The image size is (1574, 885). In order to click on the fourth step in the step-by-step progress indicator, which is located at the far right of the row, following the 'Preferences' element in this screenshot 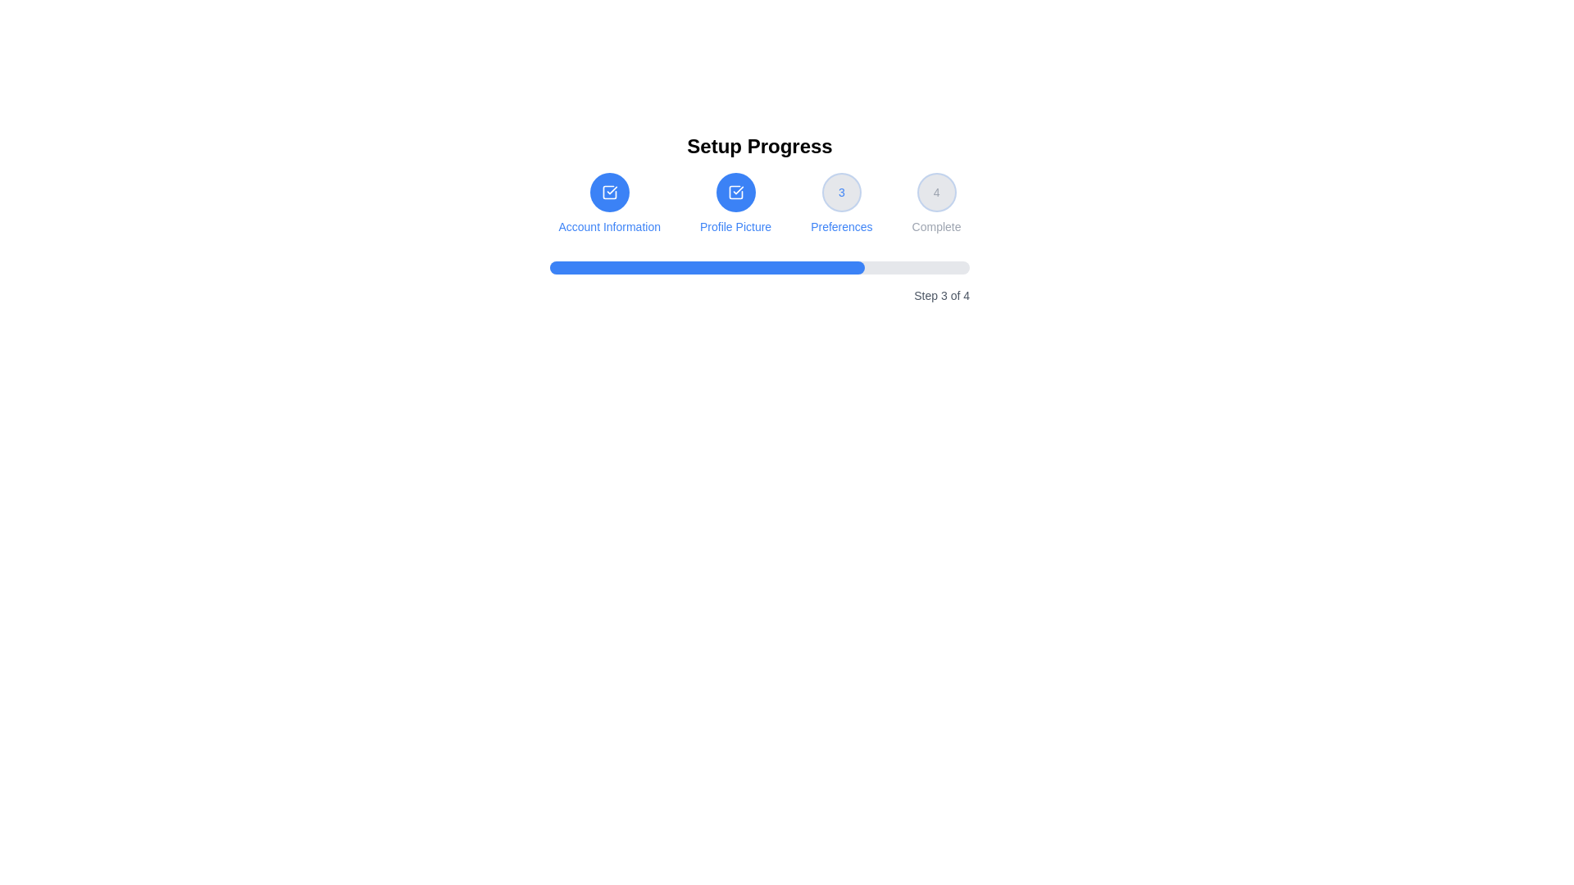, I will do `click(936, 203)`.